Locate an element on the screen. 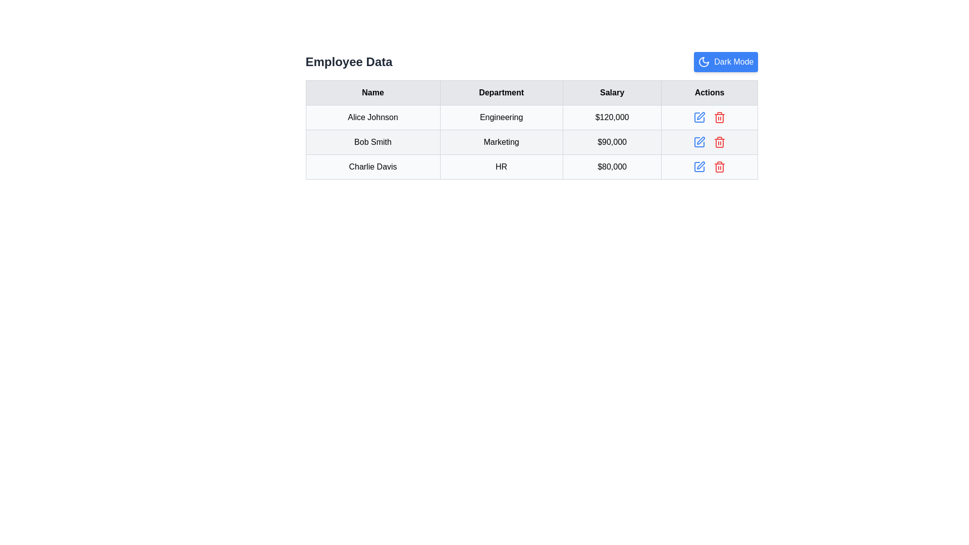 This screenshot has height=545, width=969. the 'Department' cell in the second row of the table displaying 'Marketing', which is aligned with 'Bob Smith' is located at coordinates (531, 142).